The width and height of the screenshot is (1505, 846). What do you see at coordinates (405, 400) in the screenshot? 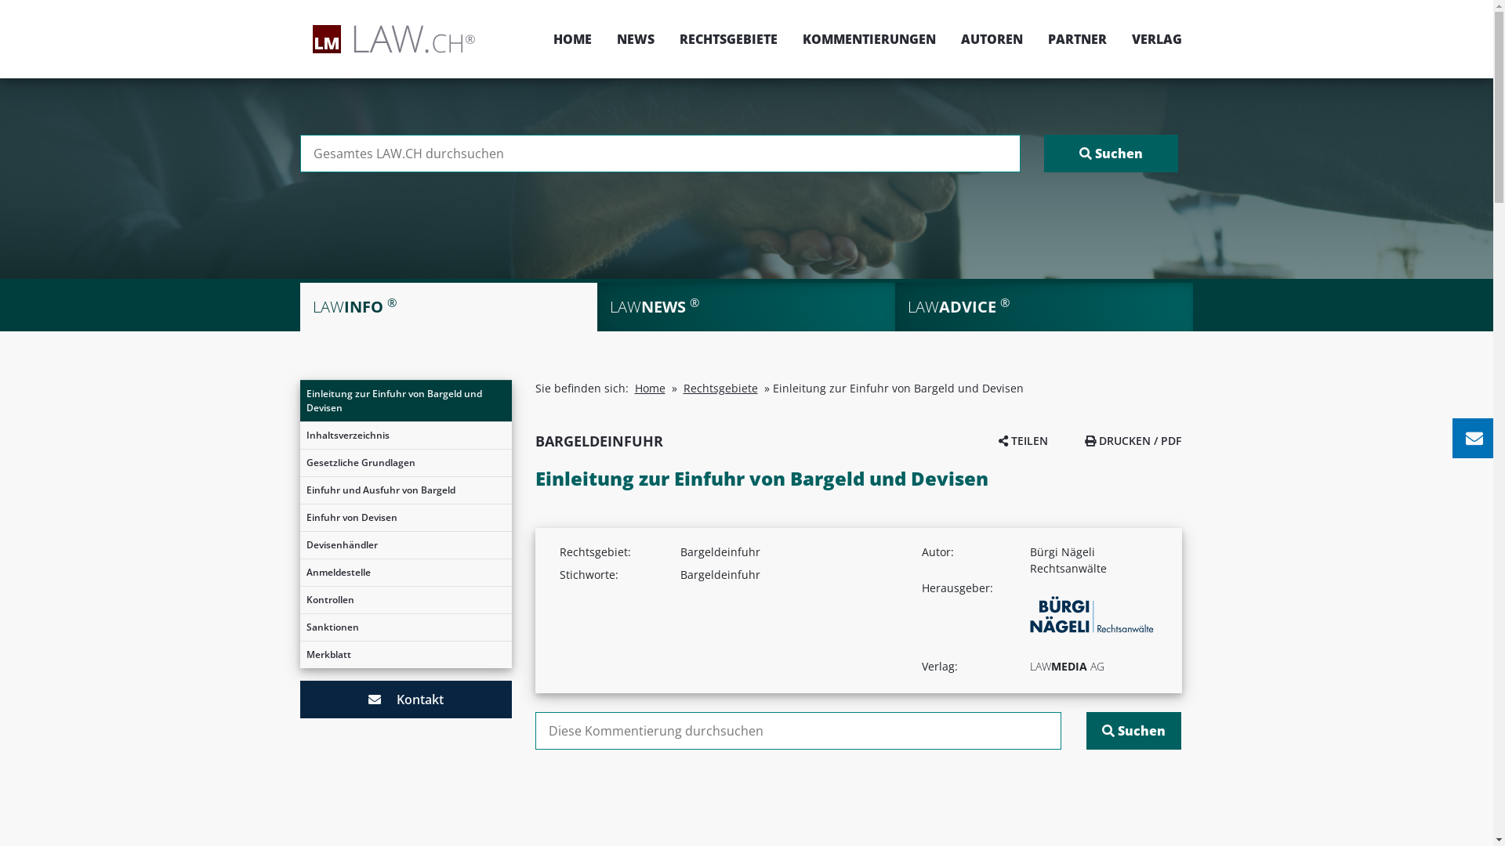
I see `'Einleitung zur Einfuhr von Bargeld und Devisen'` at bounding box center [405, 400].